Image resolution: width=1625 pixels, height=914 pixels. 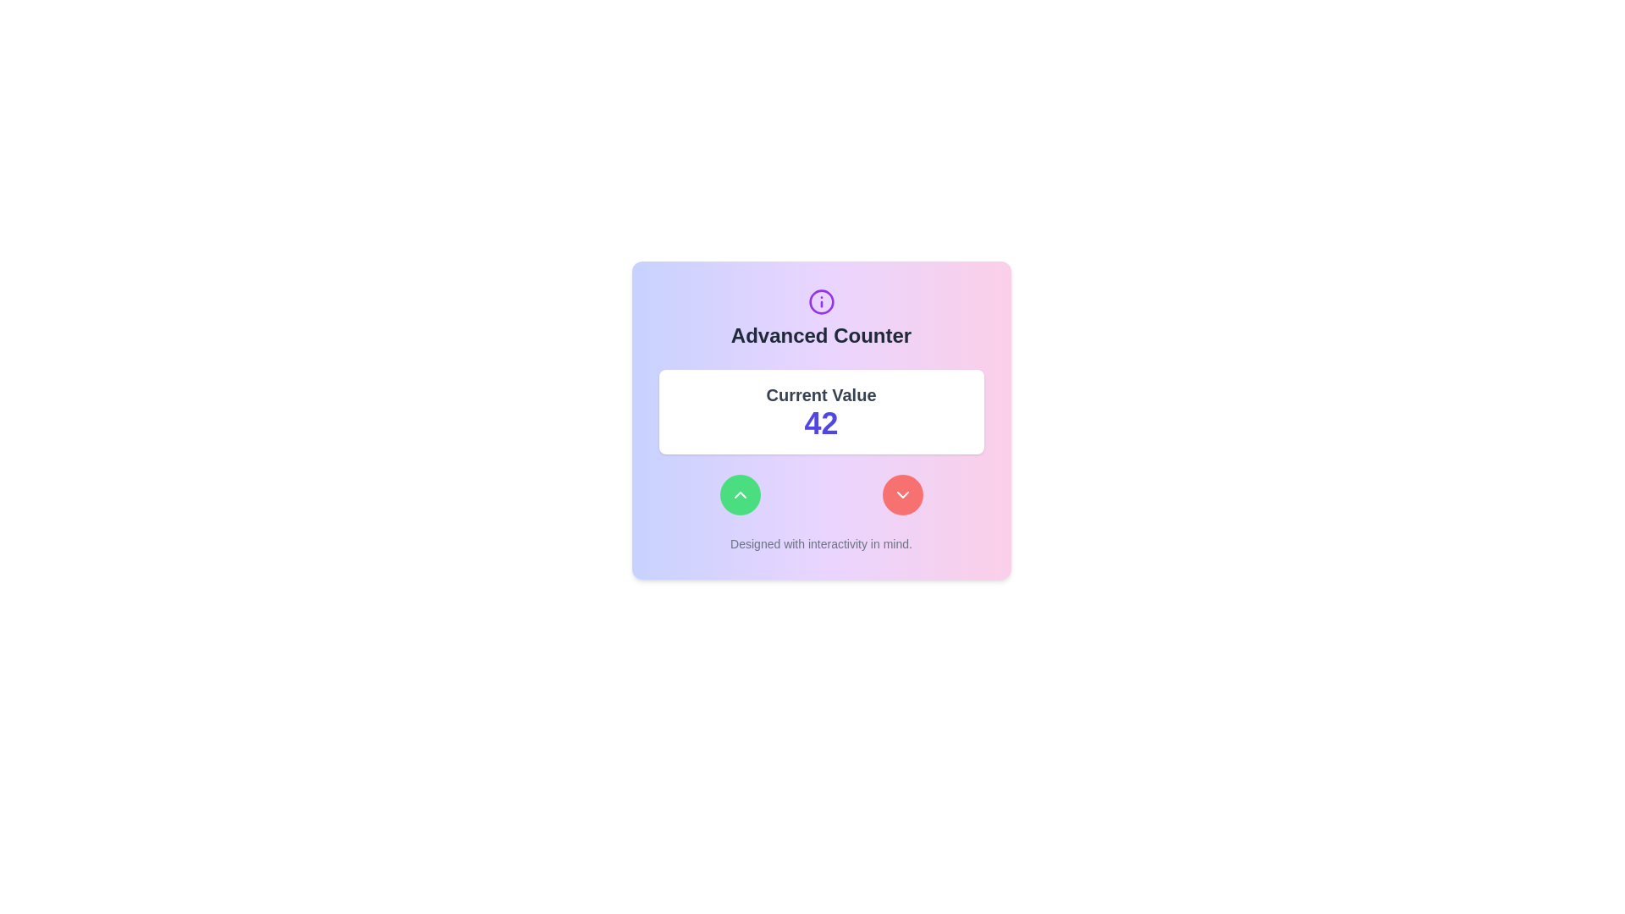 What do you see at coordinates (740, 495) in the screenshot?
I see `the circular green button with a white upward arrow` at bounding box center [740, 495].